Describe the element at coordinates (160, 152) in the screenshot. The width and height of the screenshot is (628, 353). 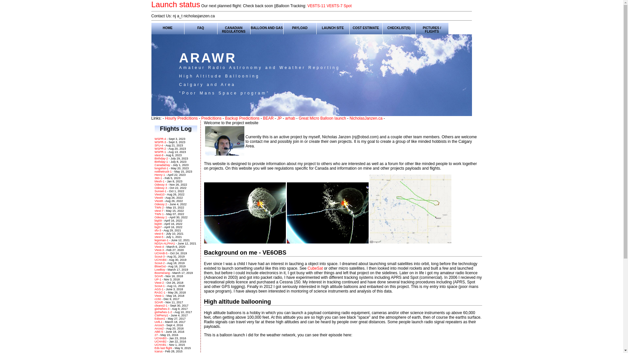
I see `'WSPR-1'` at that location.